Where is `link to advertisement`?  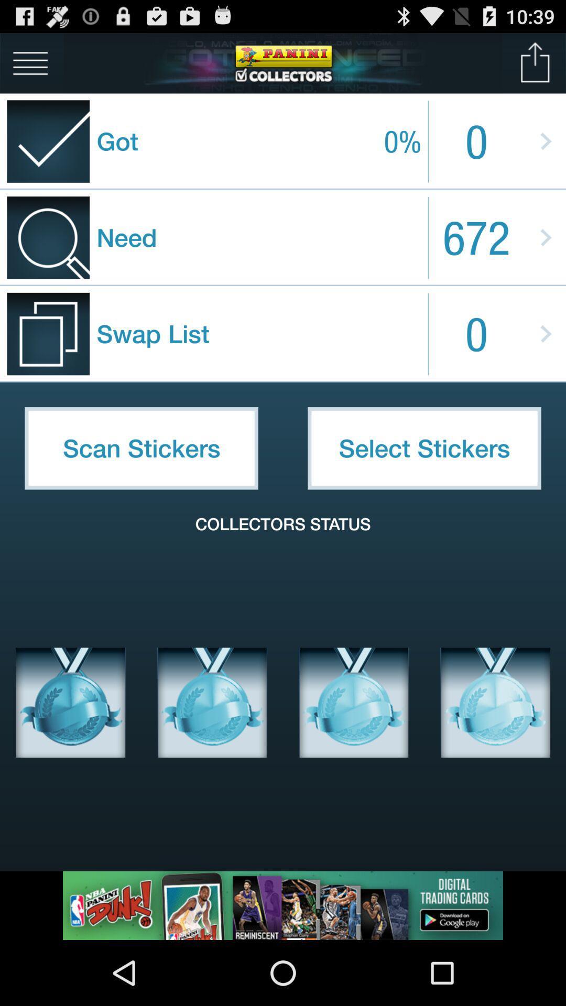 link to advertisement is located at coordinates (283, 905).